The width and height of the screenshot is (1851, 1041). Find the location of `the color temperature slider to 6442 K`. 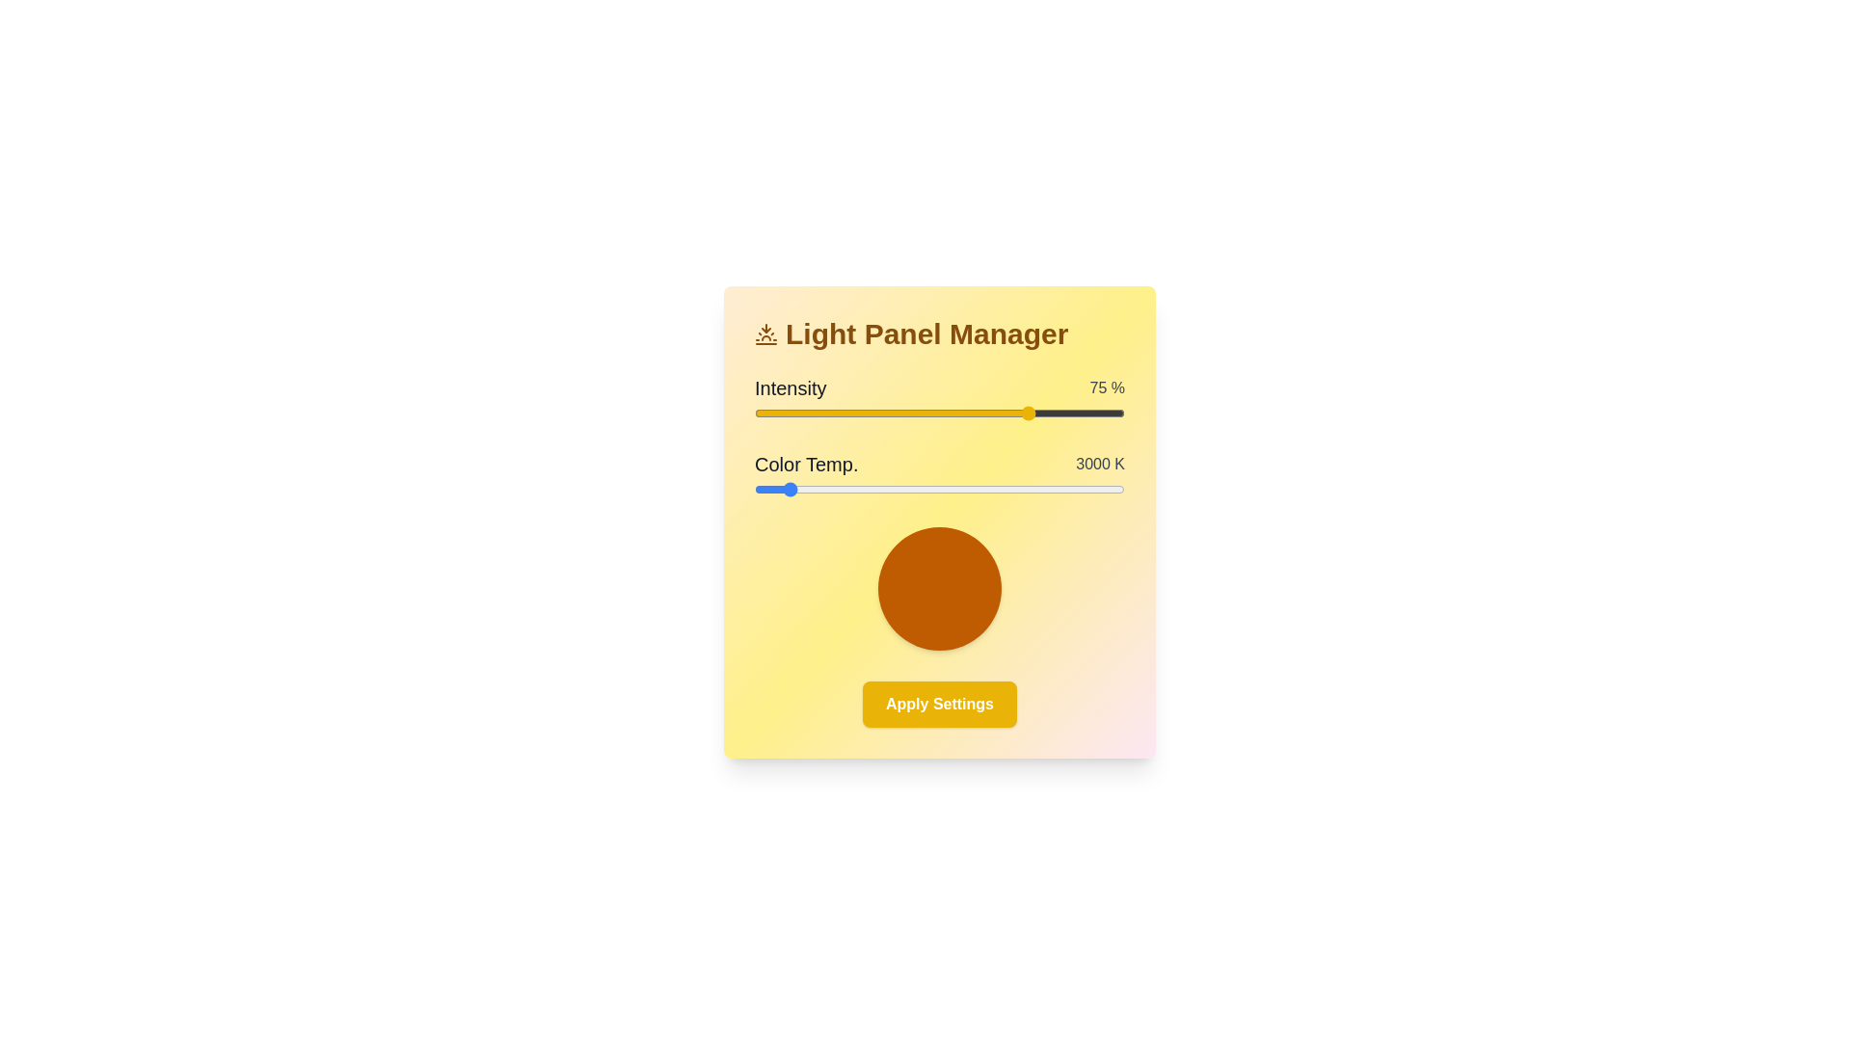

the color temperature slider to 6442 K is located at coordinates (1119, 489).